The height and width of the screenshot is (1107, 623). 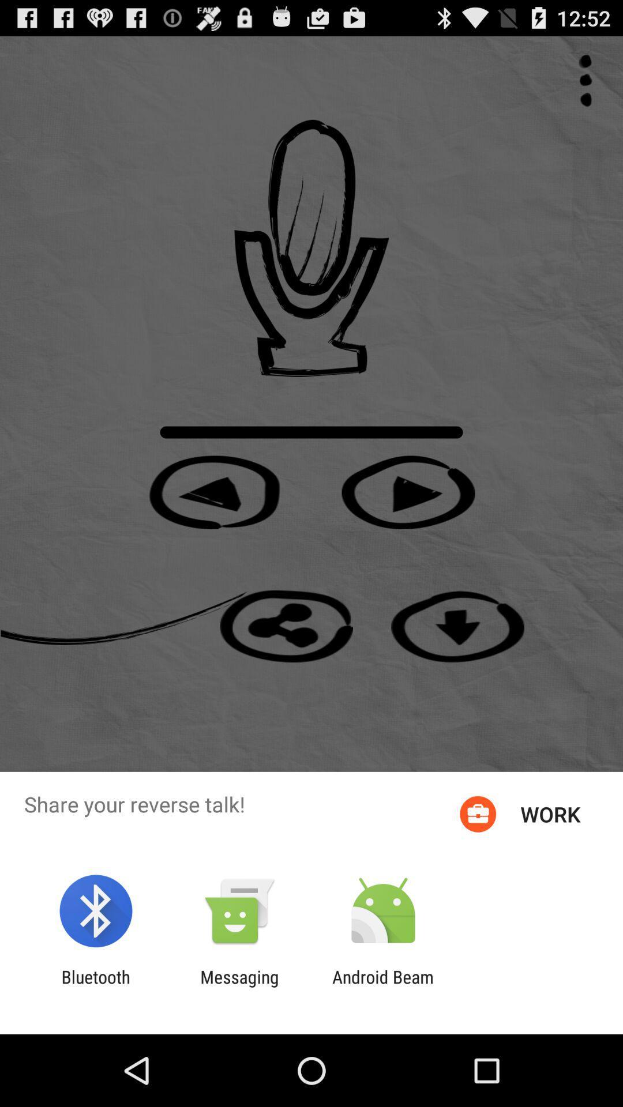 I want to click on the messaging, so click(x=239, y=986).